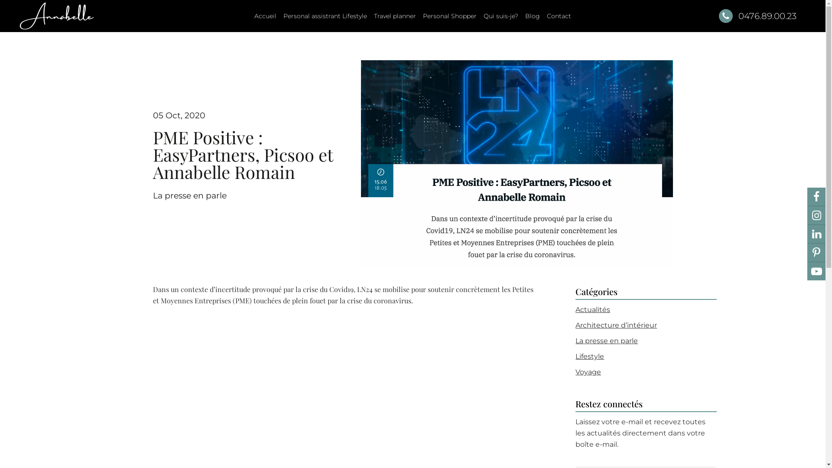 This screenshot has width=832, height=468. I want to click on 'La presse en parle', so click(575, 340).